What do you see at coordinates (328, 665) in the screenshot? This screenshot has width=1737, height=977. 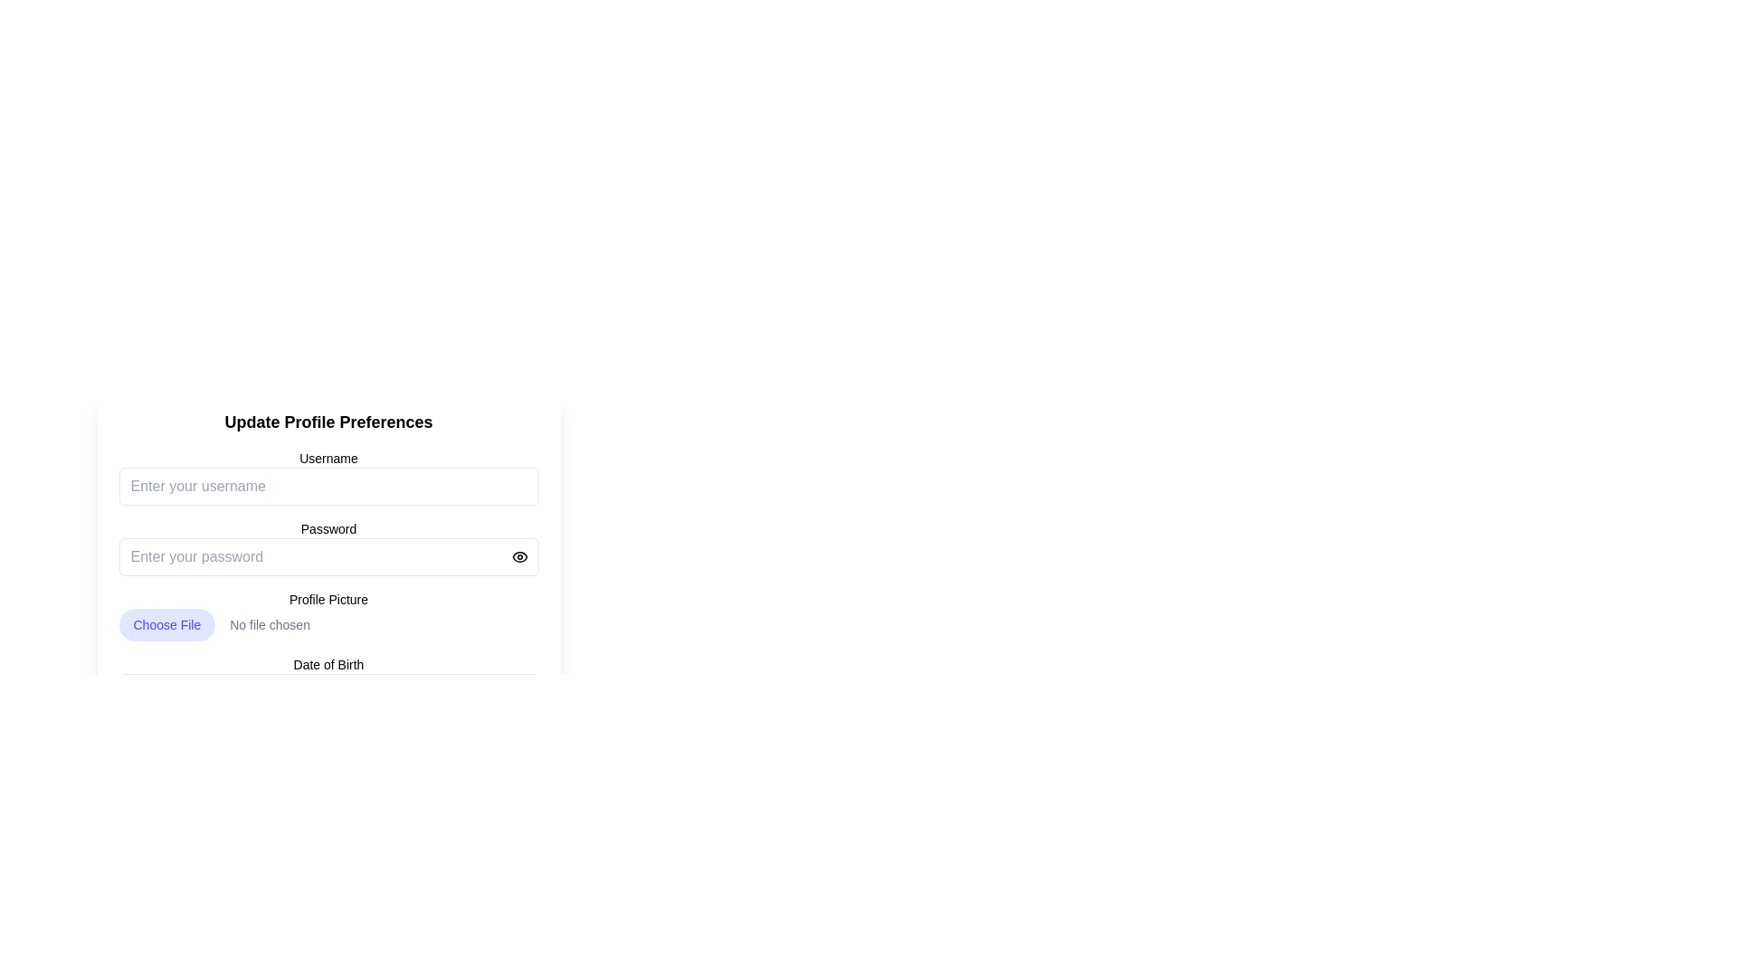 I see `the Text Label that indicates the date of birth input field, which is positioned at the bottom of the updated profile preferences form, immediately above the date input field and calendar icon` at bounding box center [328, 665].